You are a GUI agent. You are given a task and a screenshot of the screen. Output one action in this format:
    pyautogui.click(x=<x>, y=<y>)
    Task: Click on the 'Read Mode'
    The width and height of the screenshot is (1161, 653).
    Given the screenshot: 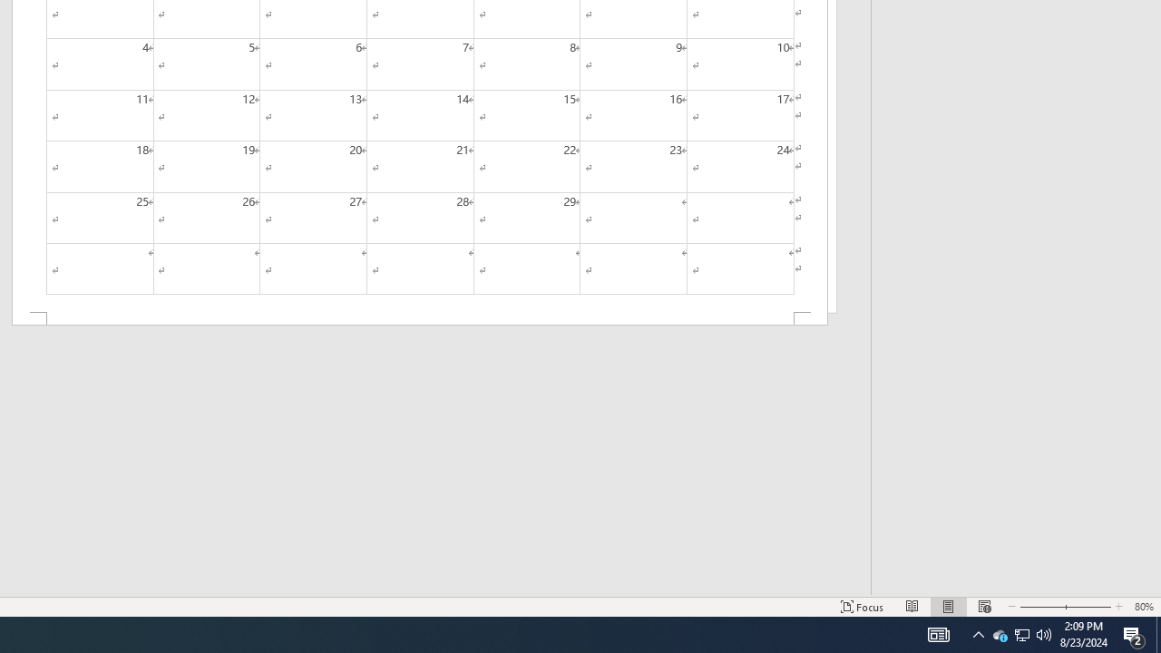 What is the action you would take?
    pyautogui.click(x=912, y=607)
    